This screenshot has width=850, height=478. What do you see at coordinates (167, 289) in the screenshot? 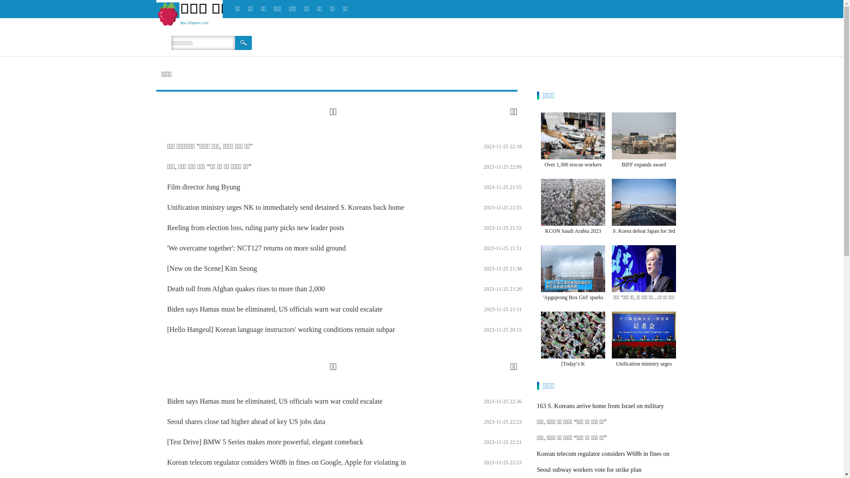
I see `'Death toll from Afghan quakes rises to more than 2,000'` at bounding box center [167, 289].